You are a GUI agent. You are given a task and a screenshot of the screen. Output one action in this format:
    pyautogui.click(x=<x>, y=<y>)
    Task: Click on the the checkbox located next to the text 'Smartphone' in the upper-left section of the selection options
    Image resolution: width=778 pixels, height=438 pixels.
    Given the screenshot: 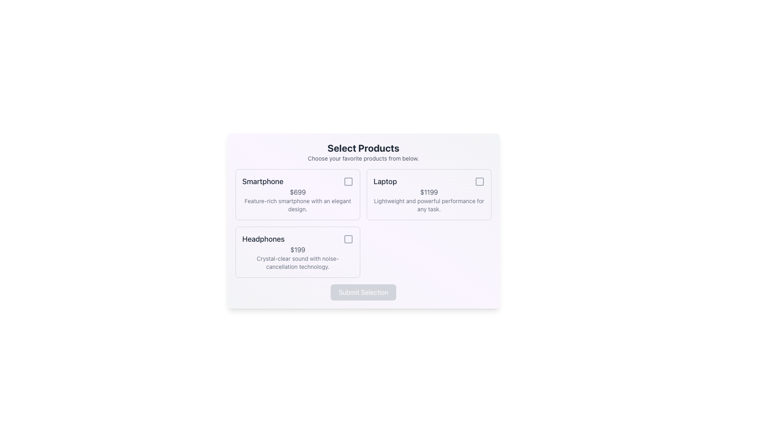 What is the action you would take?
    pyautogui.click(x=348, y=181)
    